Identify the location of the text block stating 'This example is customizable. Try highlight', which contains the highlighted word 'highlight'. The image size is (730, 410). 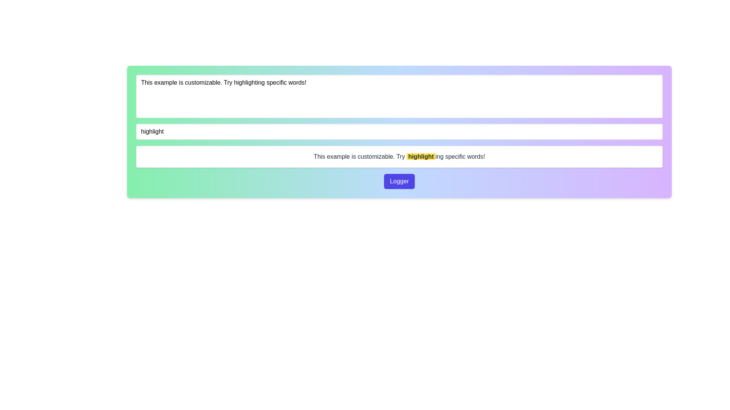
(375, 156).